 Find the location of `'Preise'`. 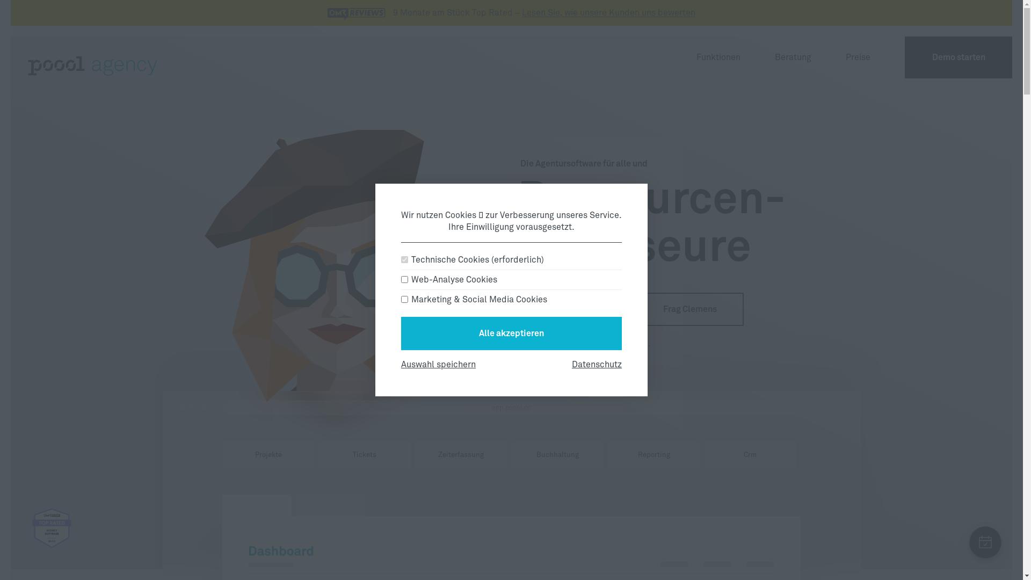

'Preise' is located at coordinates (845, 57).